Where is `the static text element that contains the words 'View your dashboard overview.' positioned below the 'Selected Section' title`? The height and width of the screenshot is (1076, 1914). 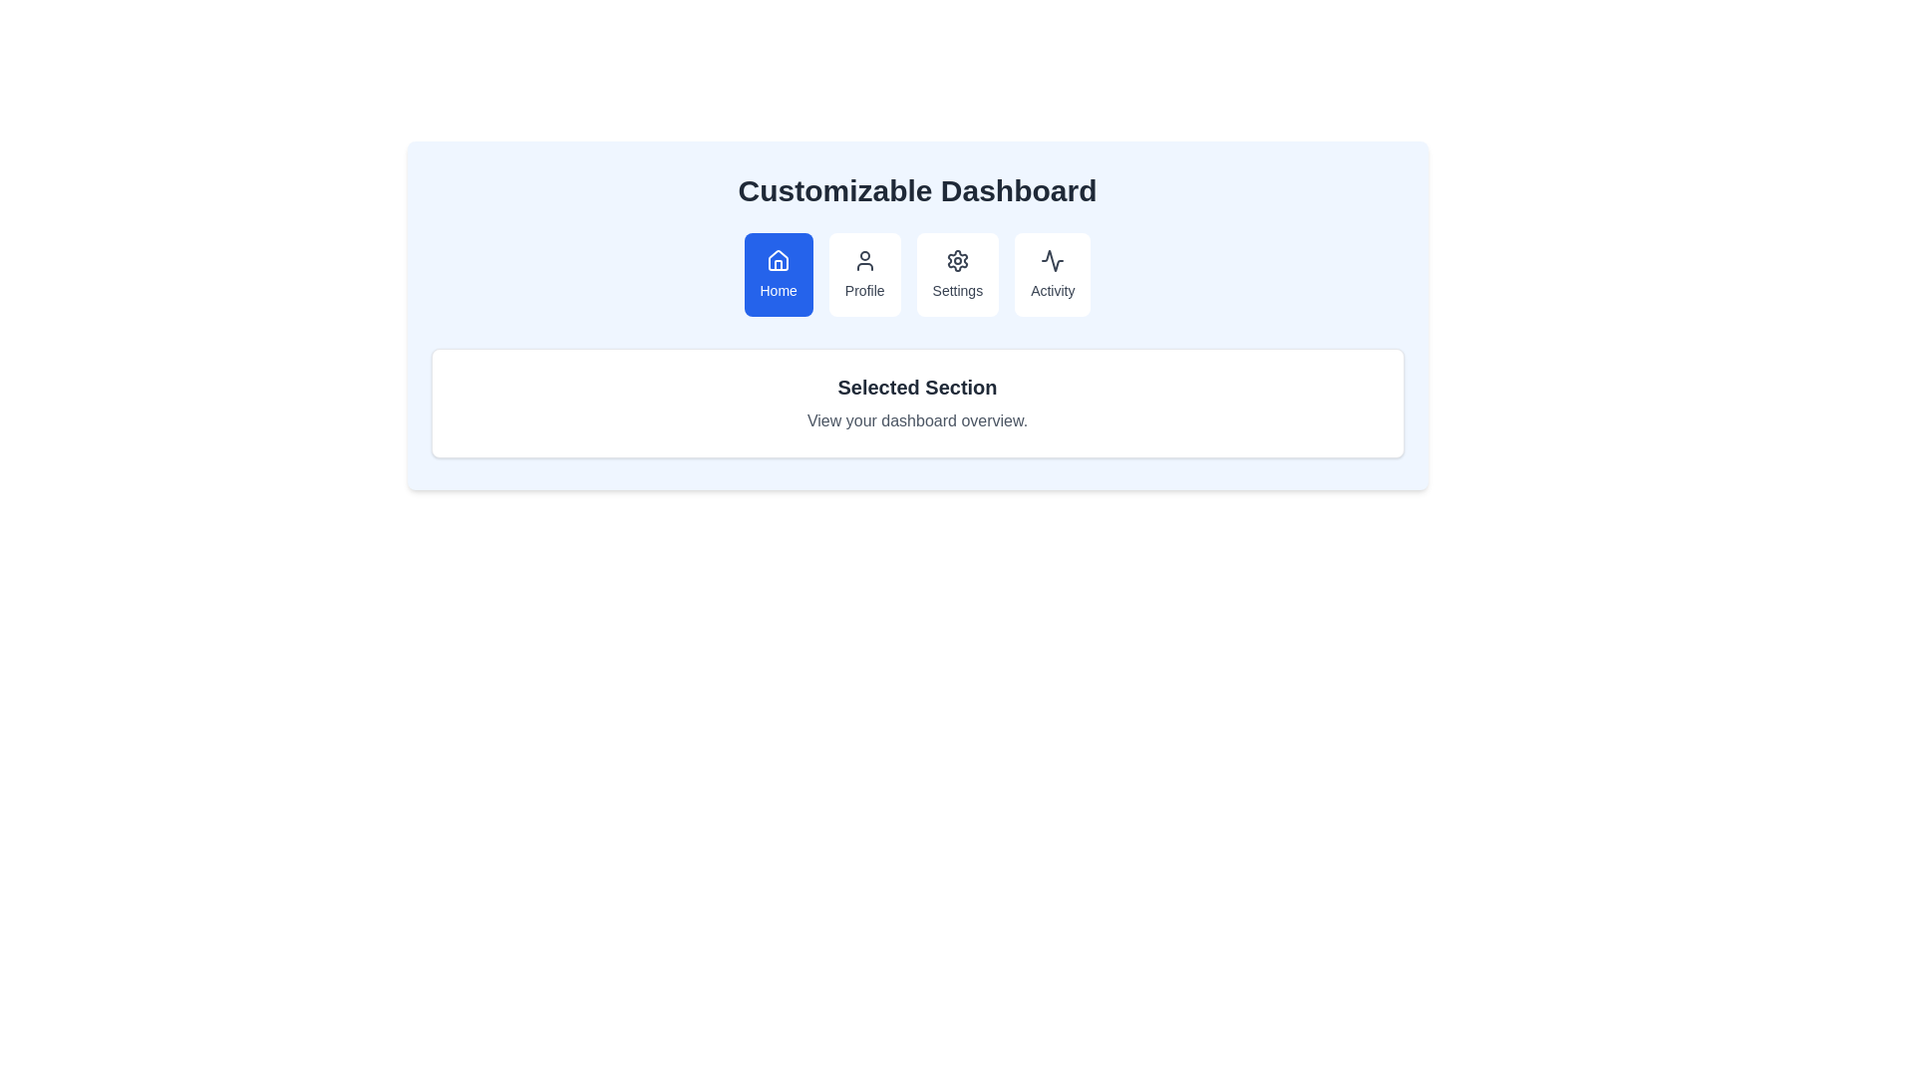
the static text element that contains the words 'View your dashboard overview.' positioned below the 'Selected Section' title is located at coordinates (916, 420).